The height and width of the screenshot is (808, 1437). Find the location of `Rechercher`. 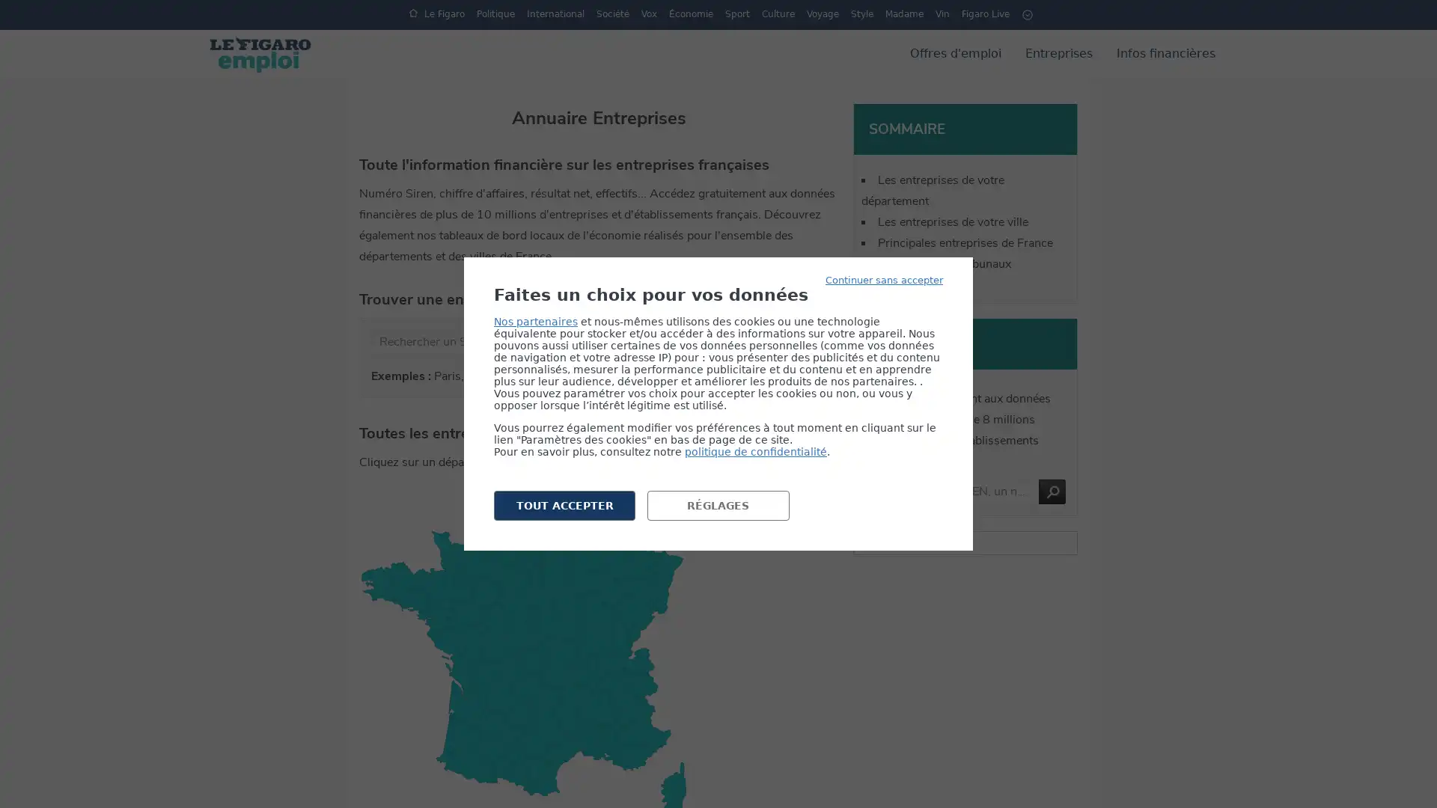

Rechercher is located at coordinates (1052, 492).